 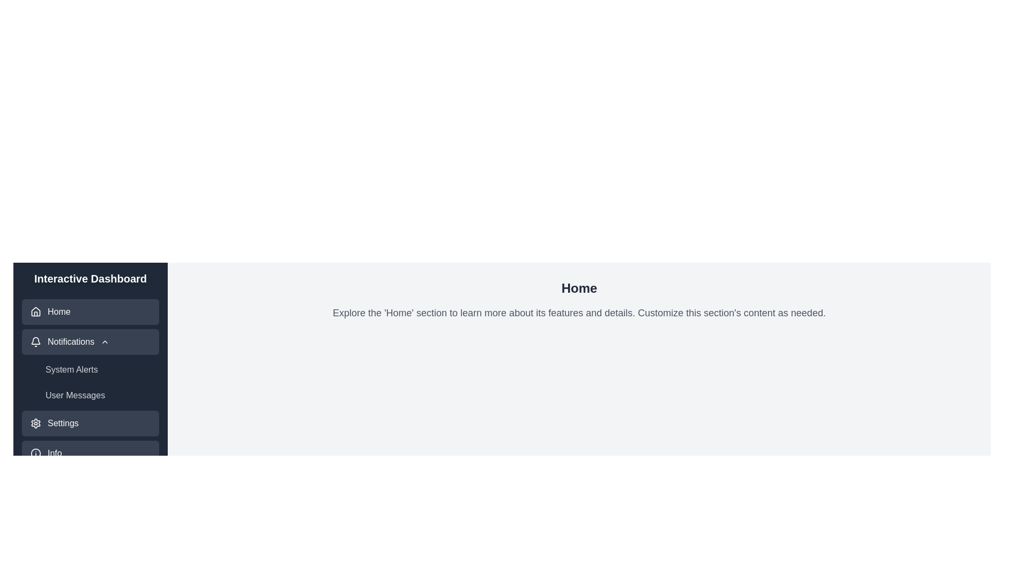 I want to click on the information icon located at the left sidebar near the bottom, preceding the text label 'Info', so click(x=36, y=453).